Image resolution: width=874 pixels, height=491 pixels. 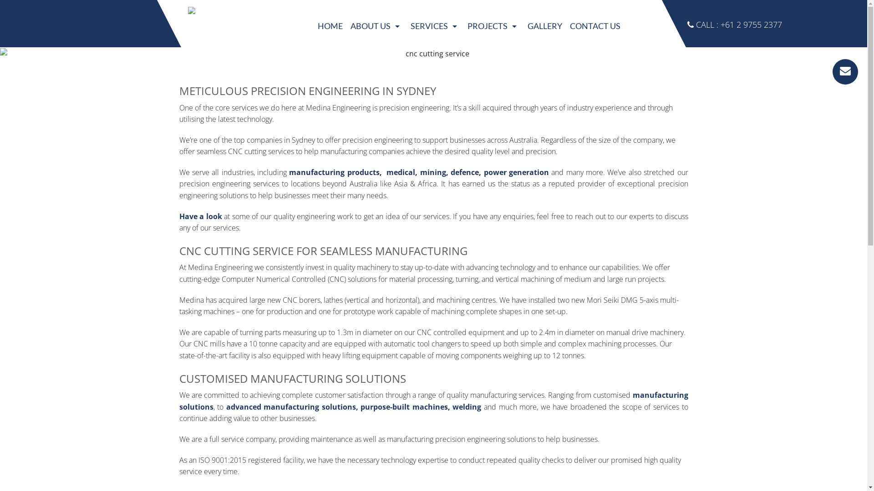 What do you see at coordinates (493, 74) in the screenshot?
I see `'DEFENCE'` at bounding box center [493, 74].